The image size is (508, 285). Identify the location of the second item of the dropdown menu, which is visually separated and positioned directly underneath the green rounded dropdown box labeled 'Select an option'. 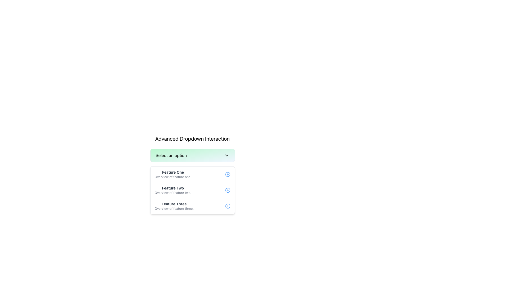
(192, 190).